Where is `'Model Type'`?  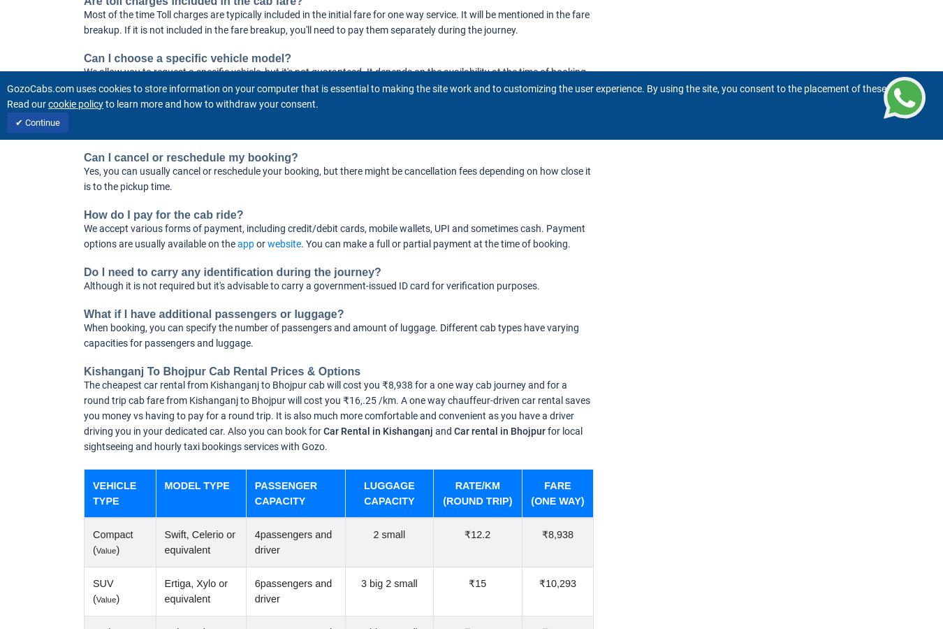 'Model Type' is located at coordinates (196, 484).